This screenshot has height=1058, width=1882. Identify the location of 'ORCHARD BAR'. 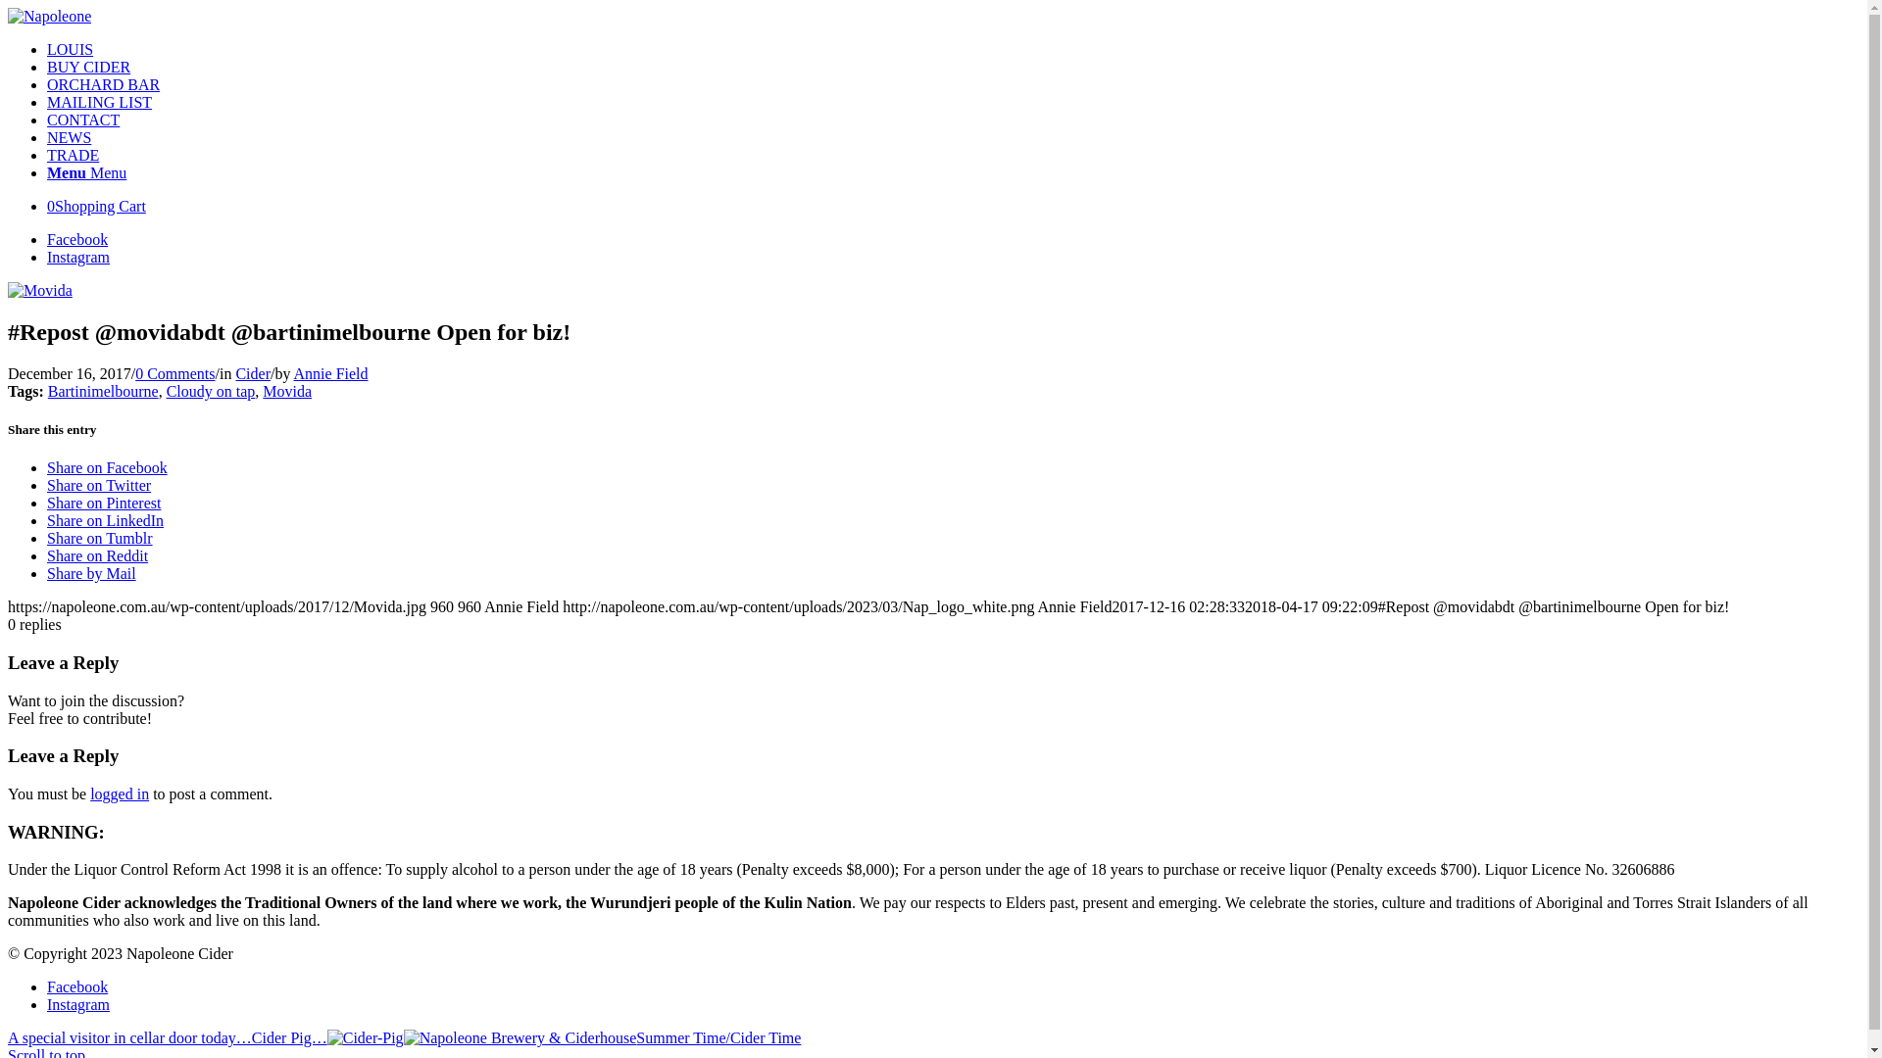
(102, 83).